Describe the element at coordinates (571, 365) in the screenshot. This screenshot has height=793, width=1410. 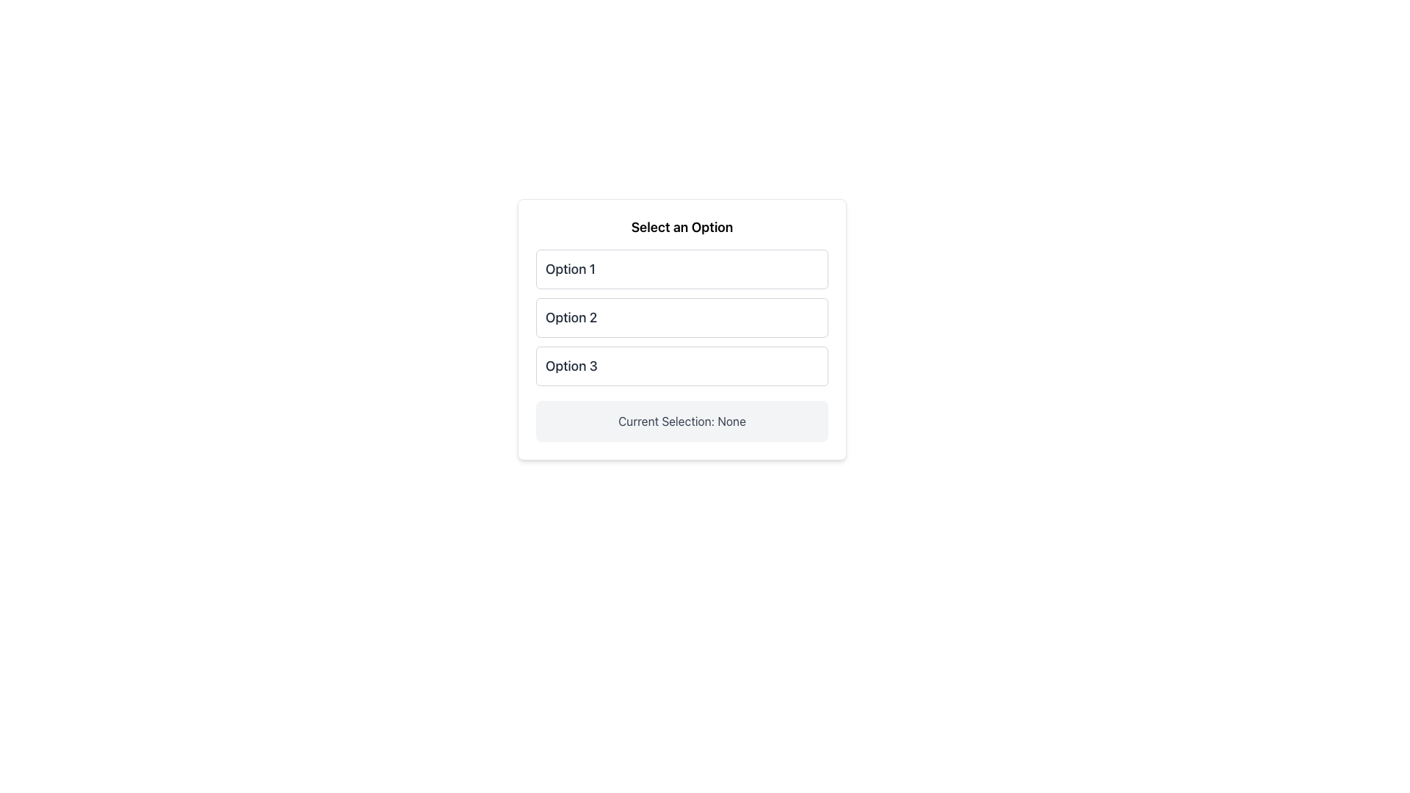
I see `text of the Text Label displaying 'Option 3', which is styled prominently and located beneath 'Option 2' in a vertical list of selectable options` at that location.